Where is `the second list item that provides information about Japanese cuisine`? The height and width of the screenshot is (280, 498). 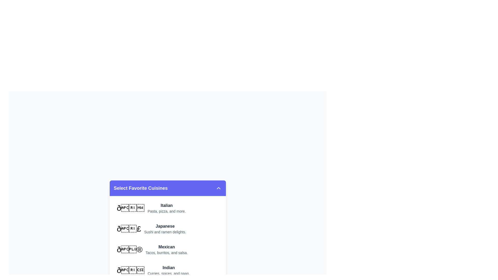
the second list item that provides information about Japanese cuisine is located at coordinates (151, 228).